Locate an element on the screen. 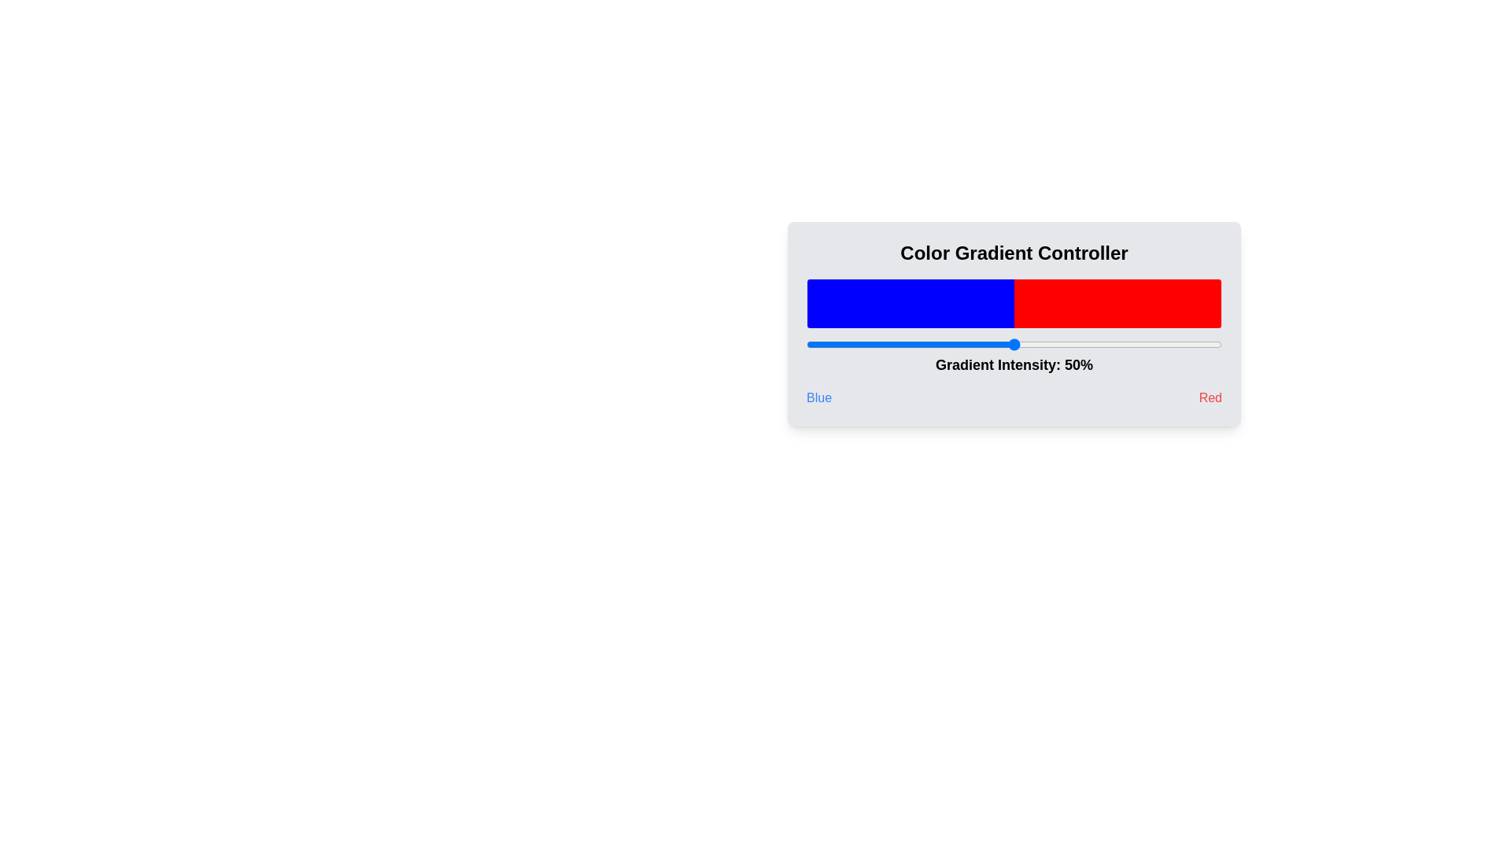 This screenshot has height=850, width=1511. the gradient slider to set the intensity to 85% is located at coordinates (1159, 344).